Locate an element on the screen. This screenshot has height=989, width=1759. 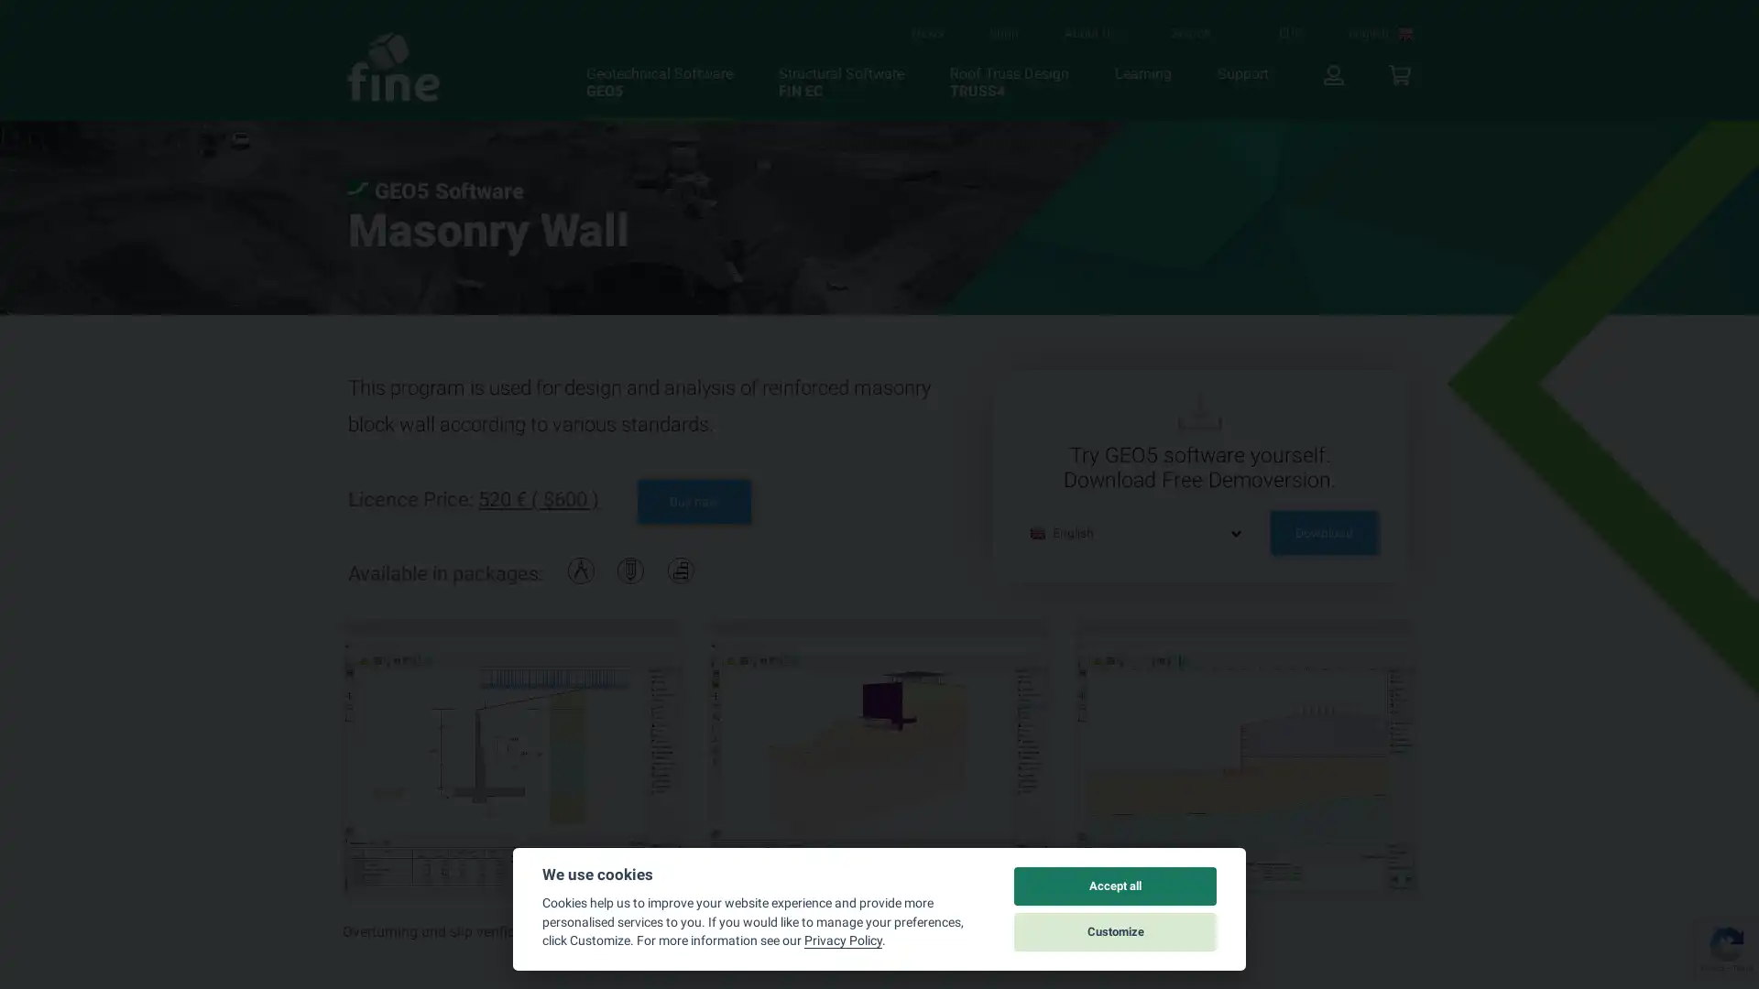
Accept all is located at coordinates (1114, 886).